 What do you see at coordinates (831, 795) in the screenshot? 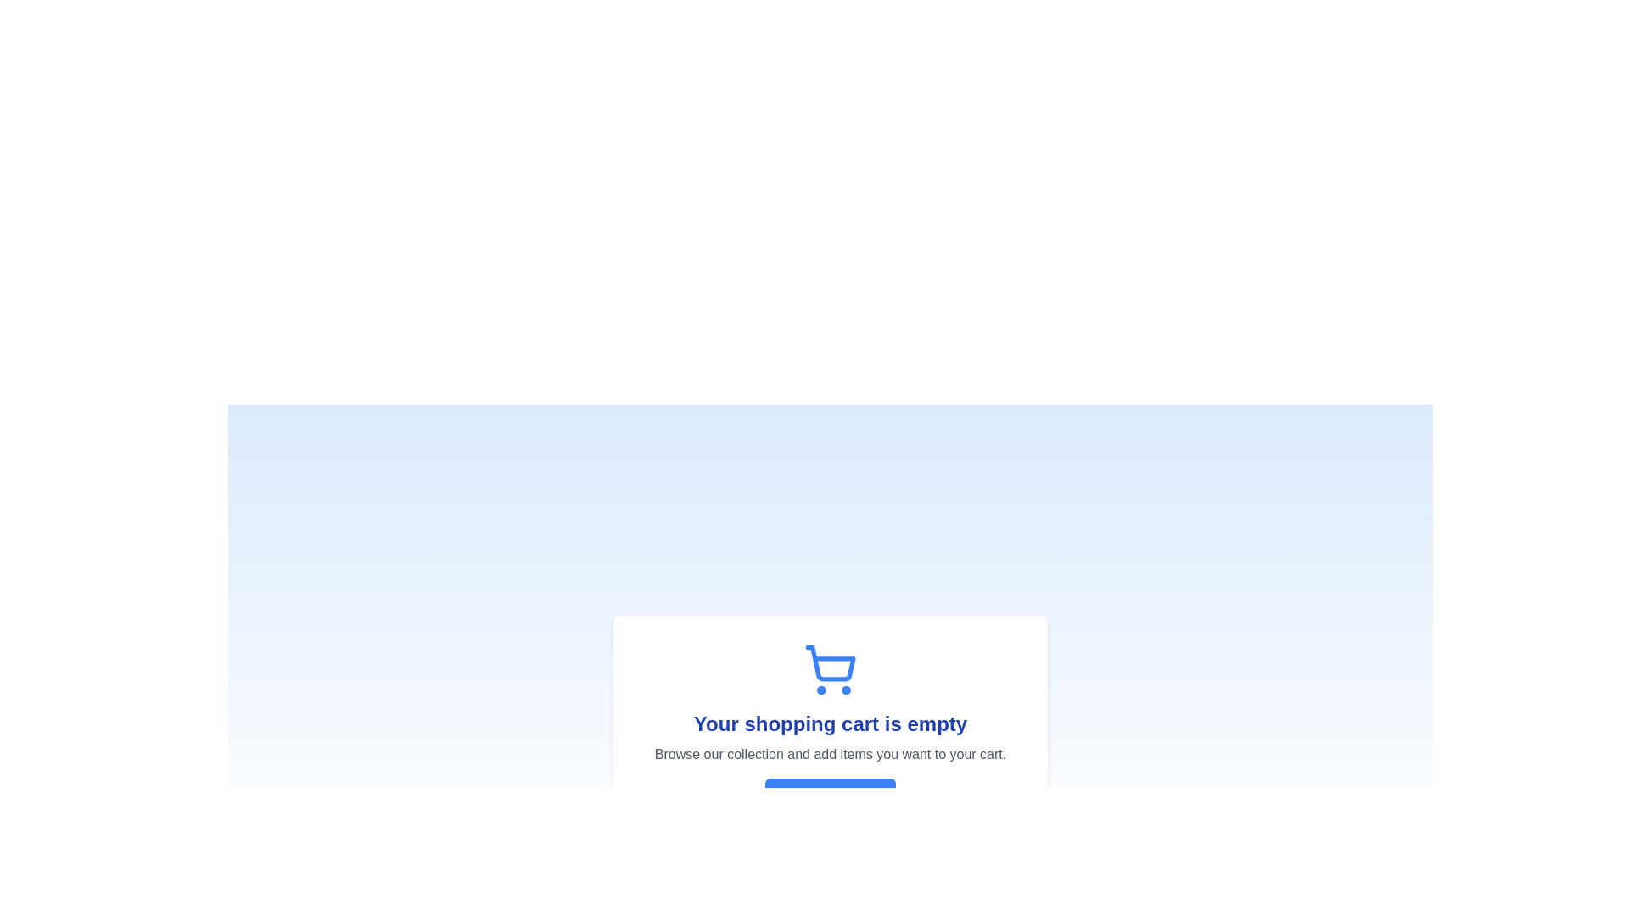
I see `the rectangular blue button with white text that reads 'Start Shopping' to initiate navigation` at bounding box center [831, 795].